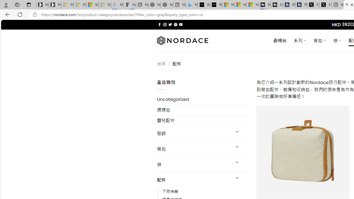  What do you see at coordinates (192, 5) in the screenshot?
I see `'Microsoft Bing Travel - Shangri-La Hotel Bangkok'` at bounding box center [192, 5].